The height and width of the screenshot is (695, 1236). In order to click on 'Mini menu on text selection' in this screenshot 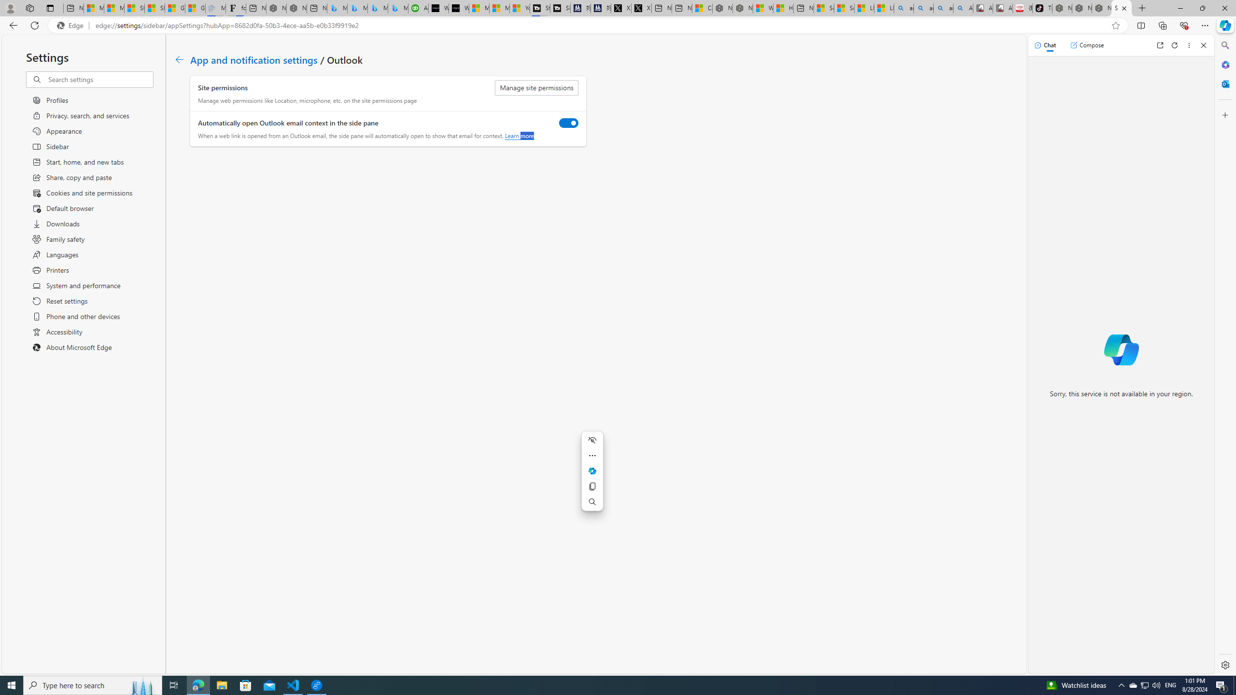, I will do `click(592, 471)`.